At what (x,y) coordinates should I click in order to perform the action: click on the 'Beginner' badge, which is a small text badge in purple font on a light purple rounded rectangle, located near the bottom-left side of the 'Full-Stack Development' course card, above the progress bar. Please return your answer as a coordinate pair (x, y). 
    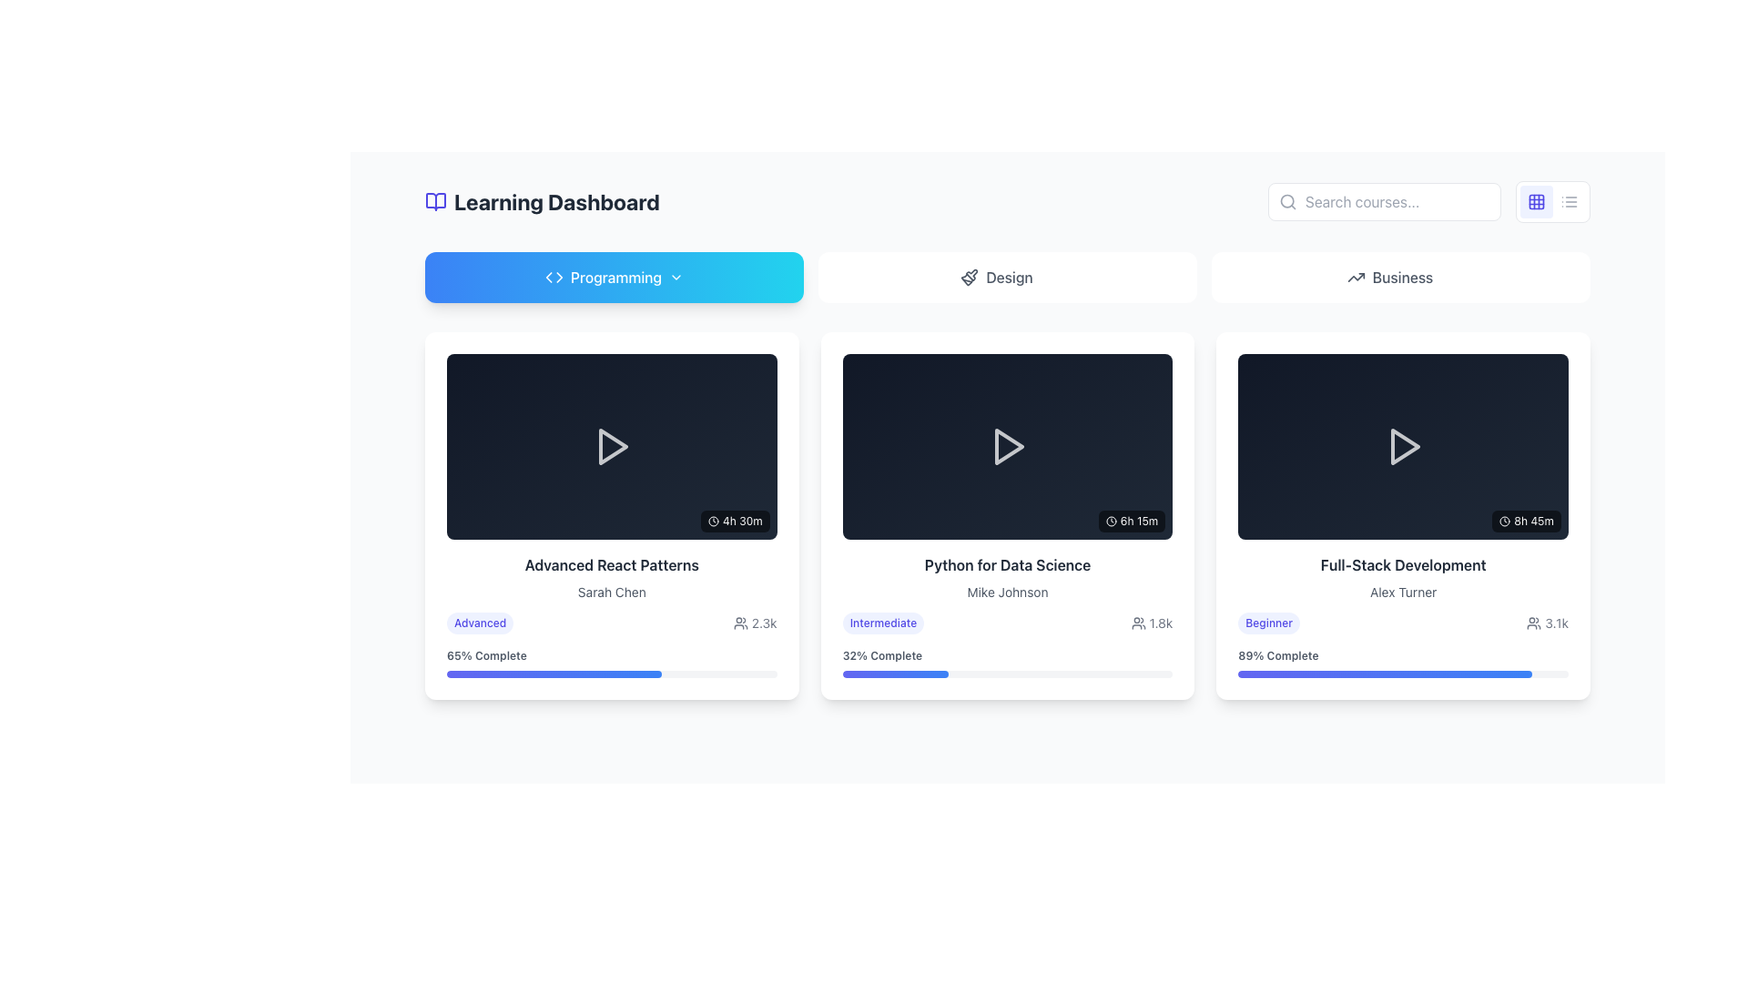
    Looking at the image, I should click on (1268, 622).